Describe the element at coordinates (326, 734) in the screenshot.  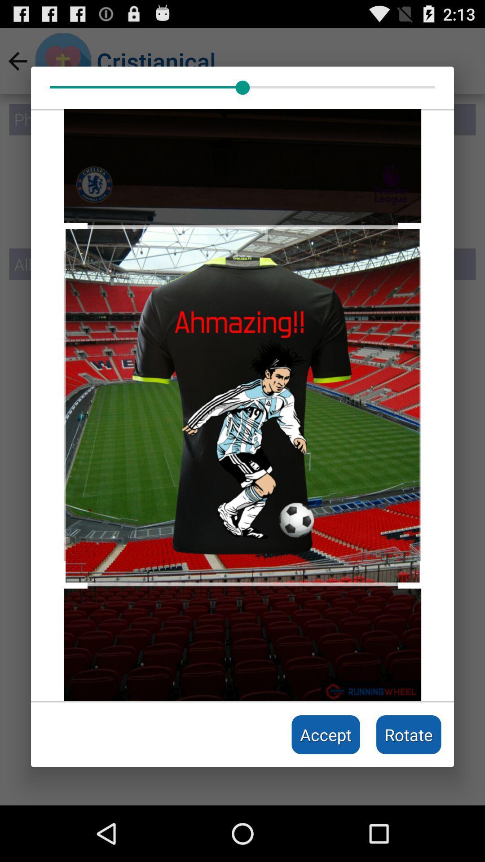
I see `the item next to the rotate` at that location.